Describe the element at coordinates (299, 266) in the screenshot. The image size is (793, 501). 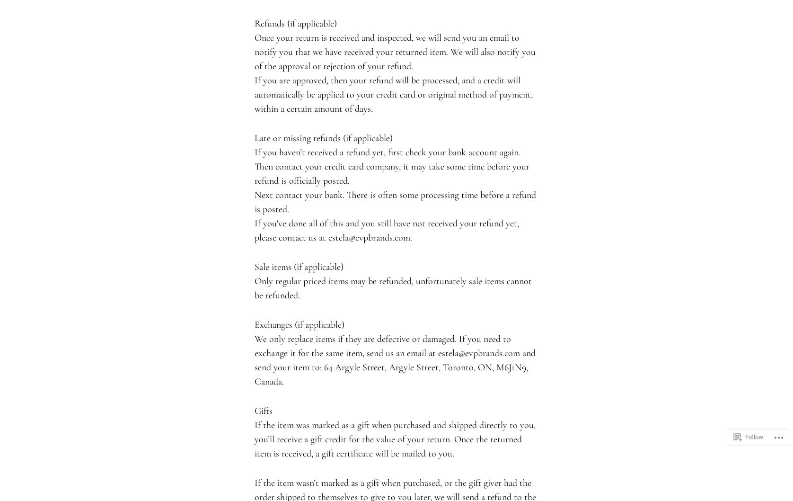
I see `'Sale items (if applicable)'` at that location.